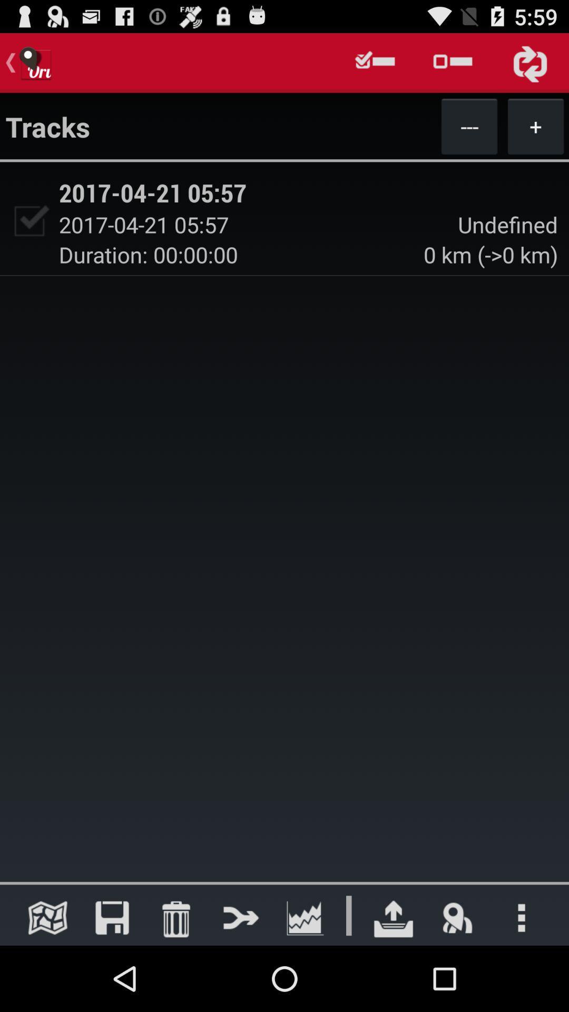 This screenshot has width=569, height=1012. Describe the element at coordinates (394, 917) in the screenshot. I see `upload` at that location.